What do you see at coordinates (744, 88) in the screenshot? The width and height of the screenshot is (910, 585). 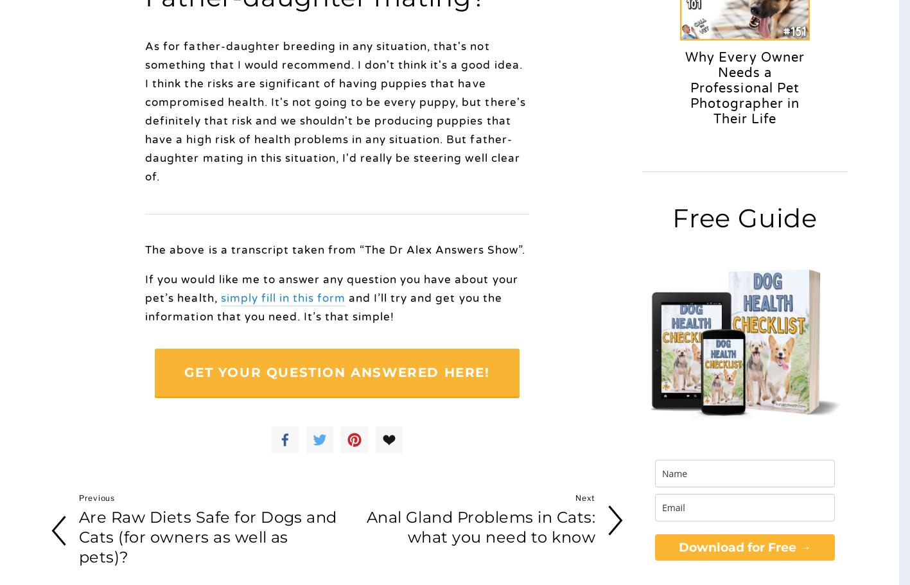 I see `'Why Every Owner Needs a Professional Pet Photographer in Their Life'` at bounding box center [744, 88].